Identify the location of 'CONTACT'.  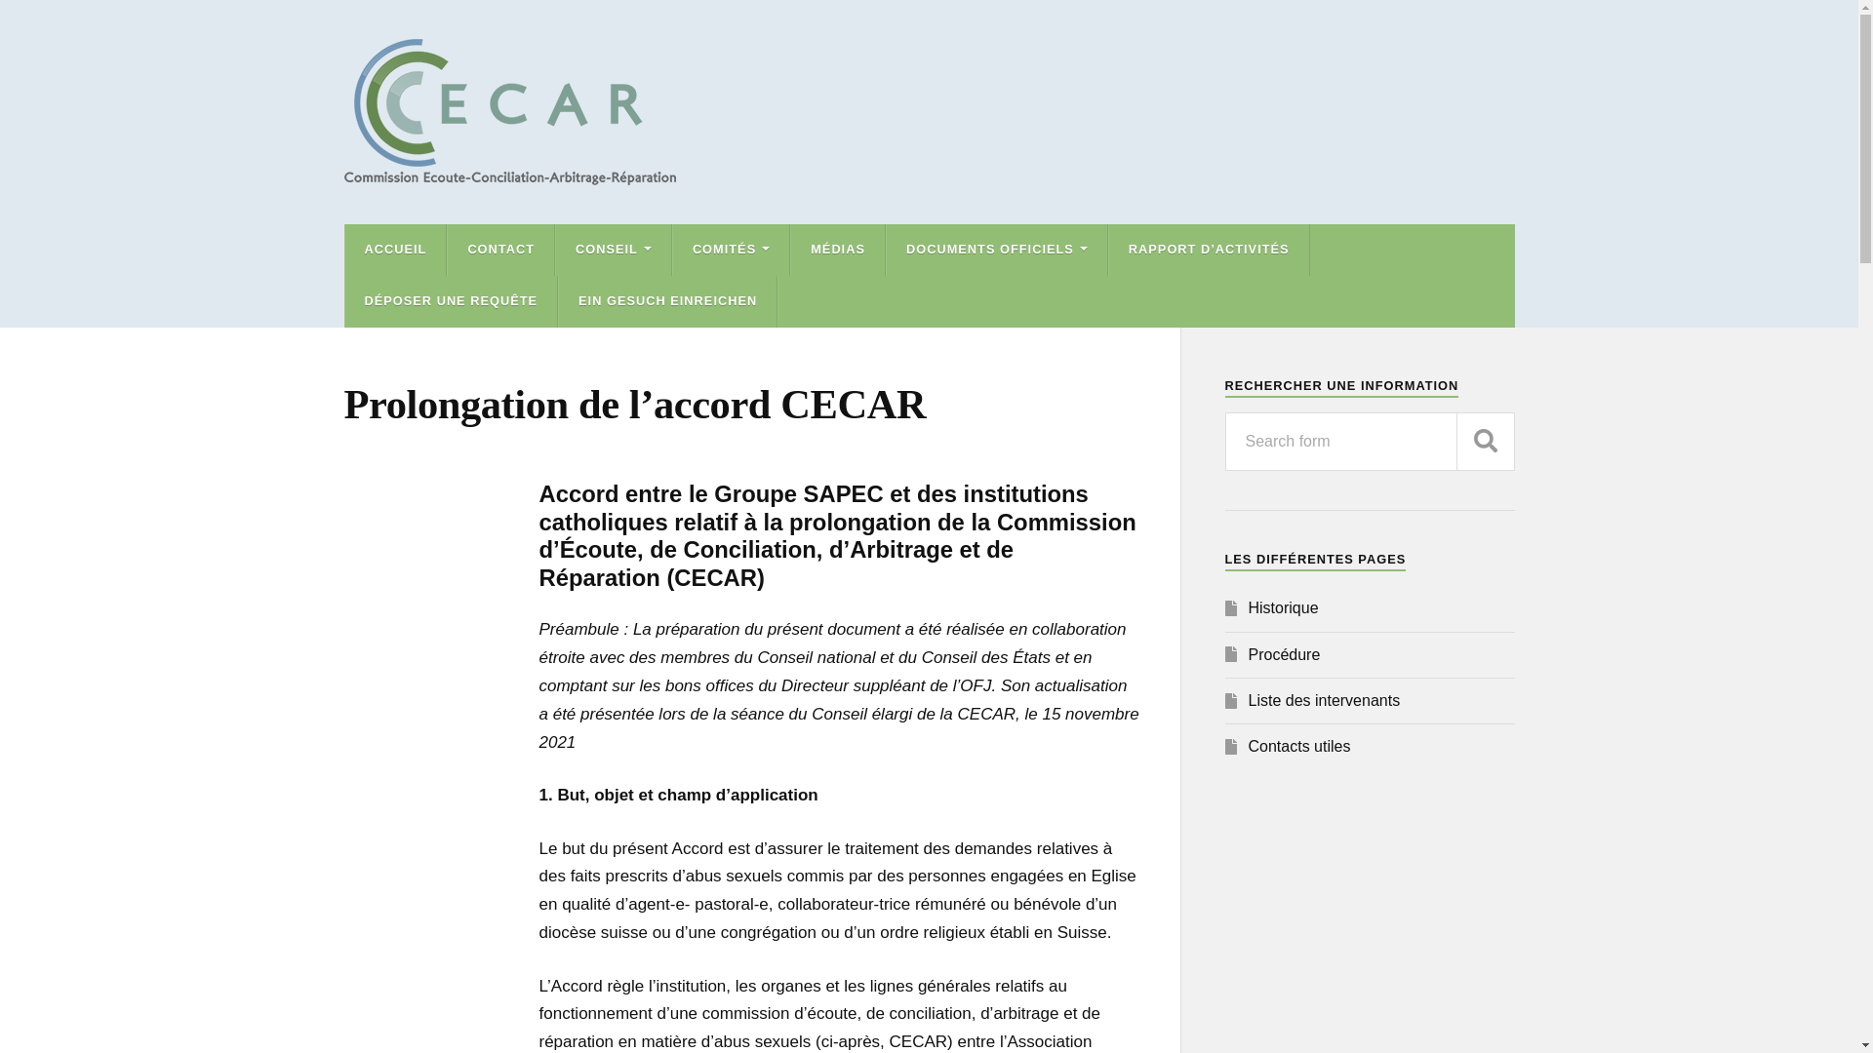
(500, 249).